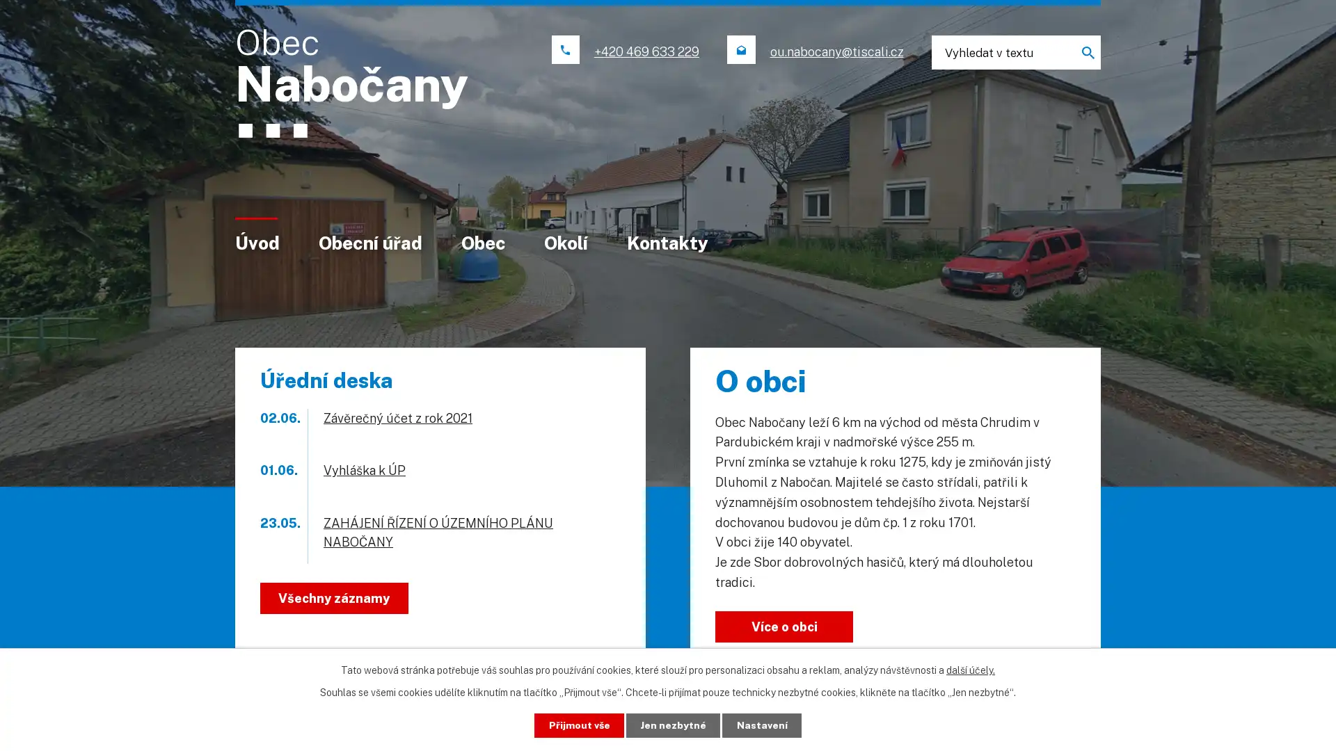 This screenshot has height=751, width=1336. I want to click on Hledat, so click(1081, 51).